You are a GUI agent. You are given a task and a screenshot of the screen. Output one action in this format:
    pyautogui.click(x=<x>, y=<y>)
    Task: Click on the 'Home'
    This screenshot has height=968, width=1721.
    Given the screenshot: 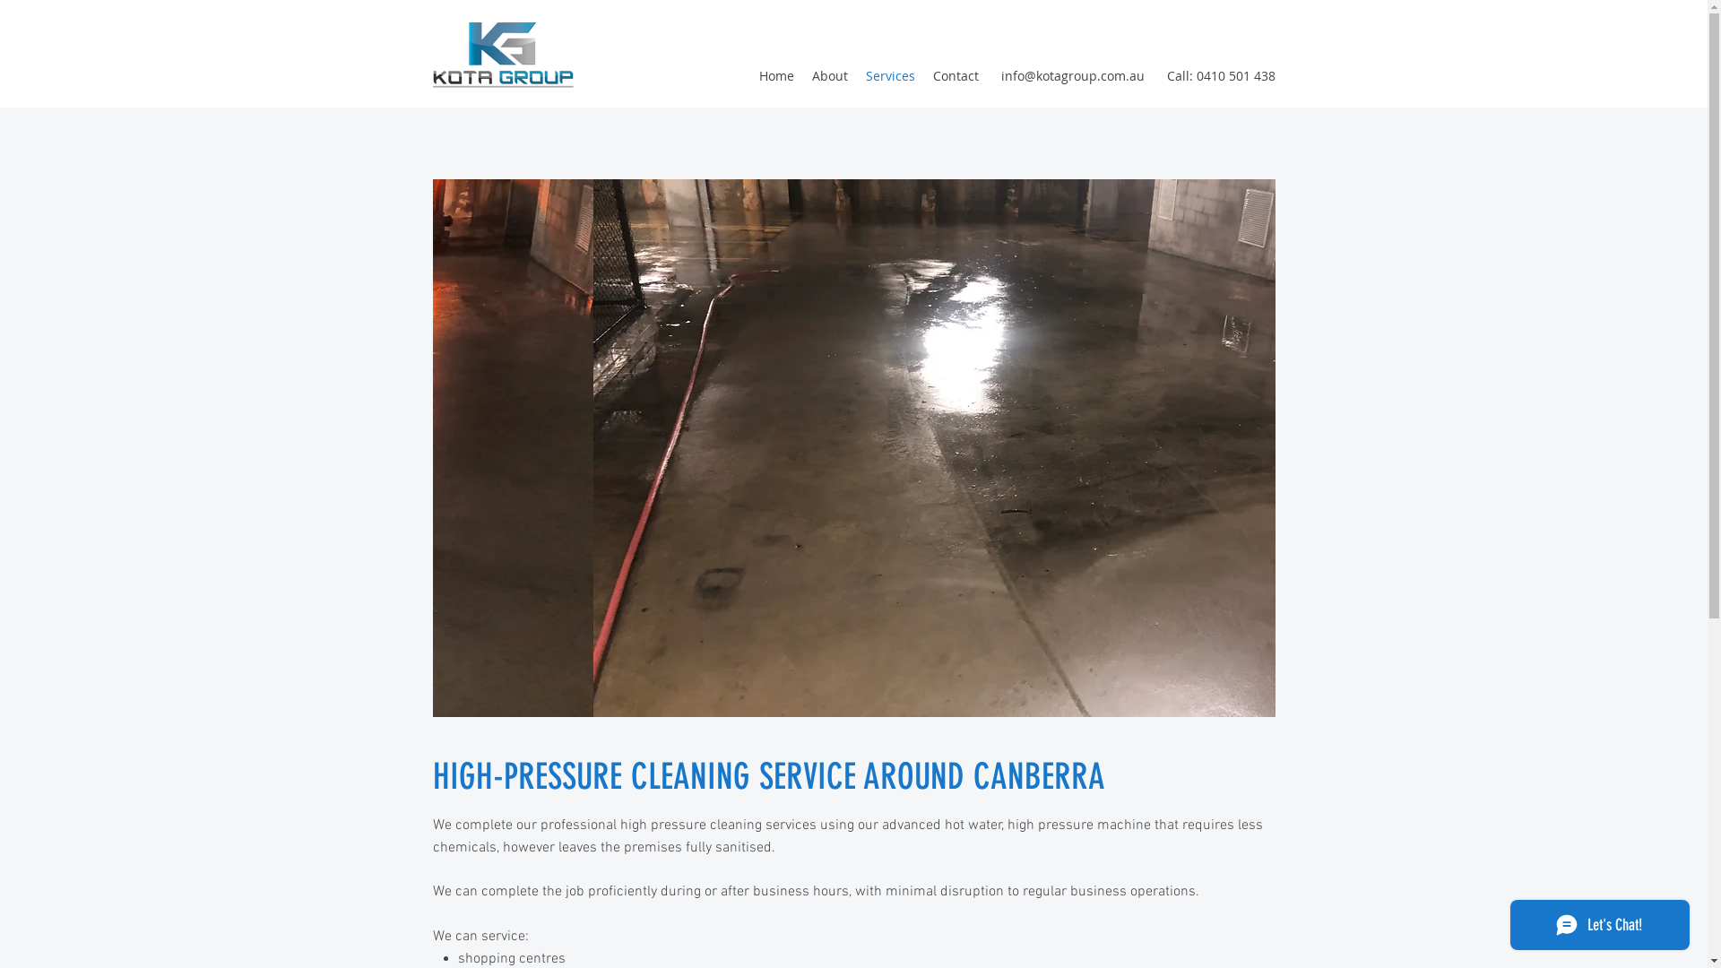 What is the action you would take?
    pyautogui.click(x=748, y=74)
    